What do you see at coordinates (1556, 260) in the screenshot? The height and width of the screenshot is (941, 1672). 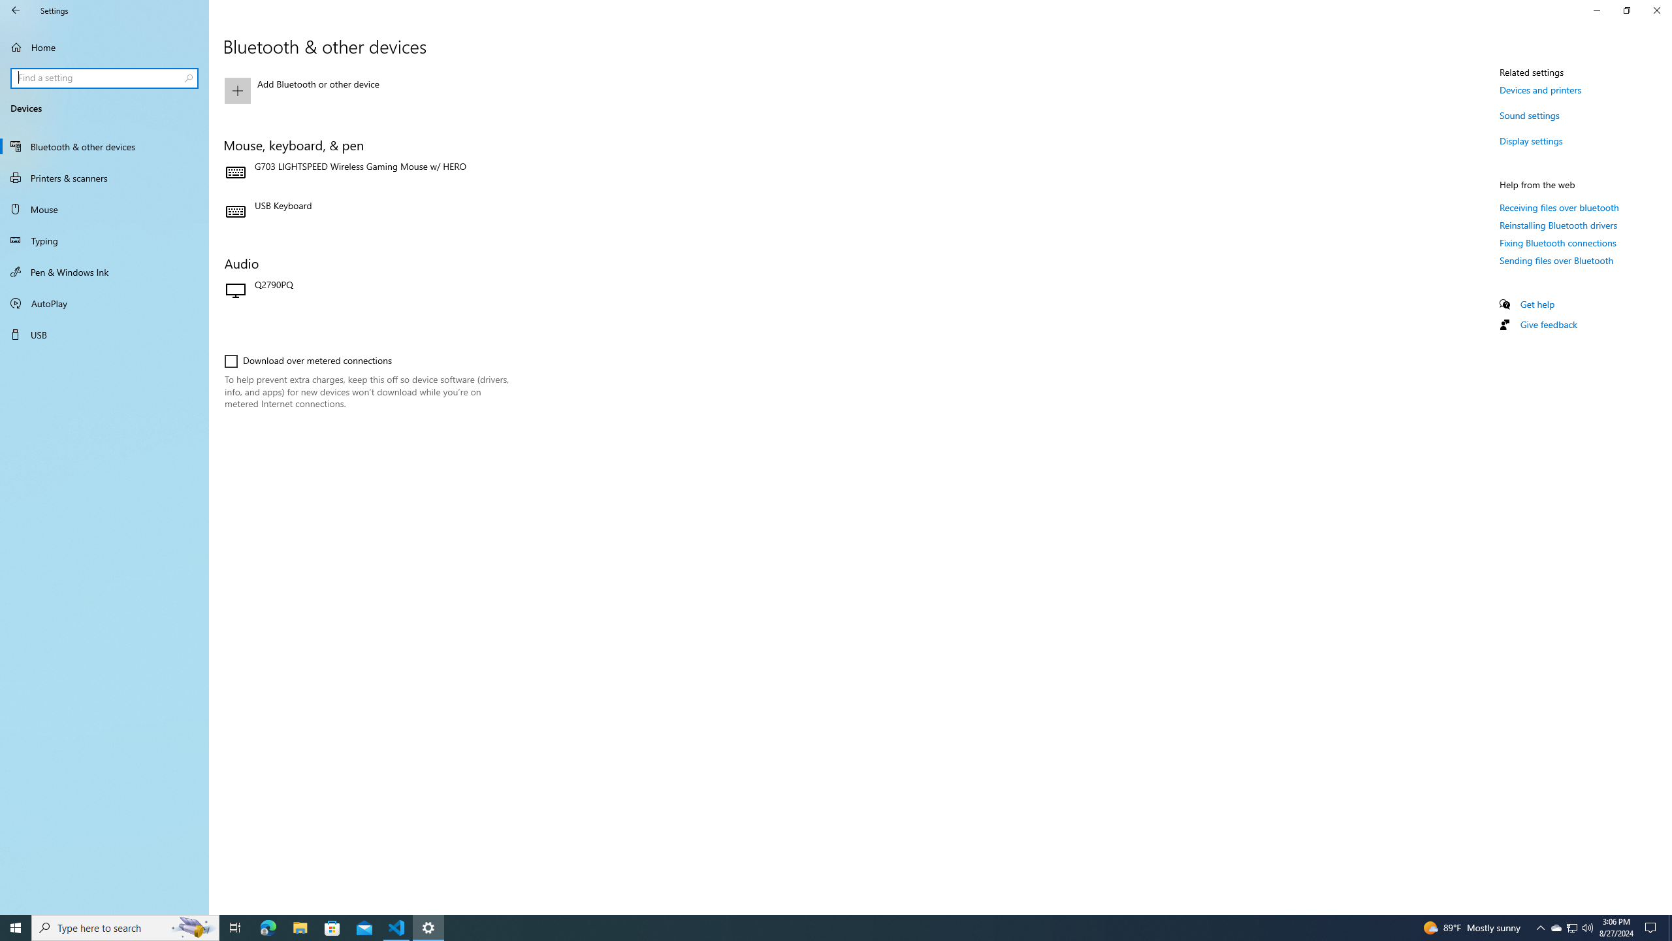 I see `'Sending files over Bluetooth'` at bounding box center [1556, 260].